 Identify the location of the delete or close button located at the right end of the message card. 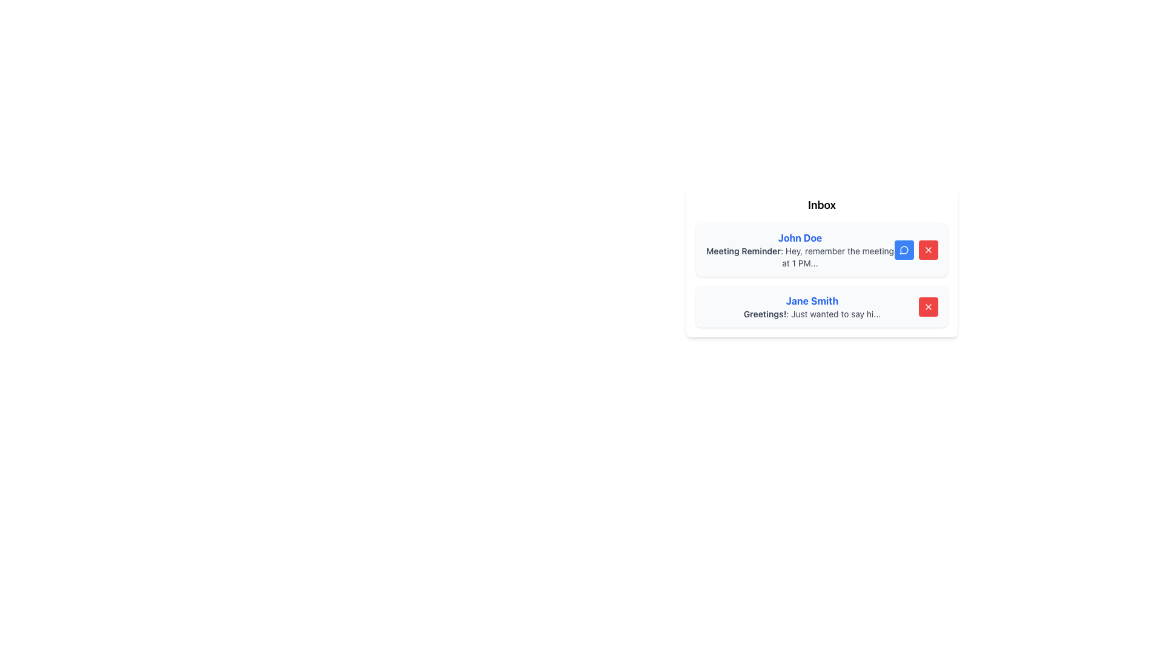
(927, 249).